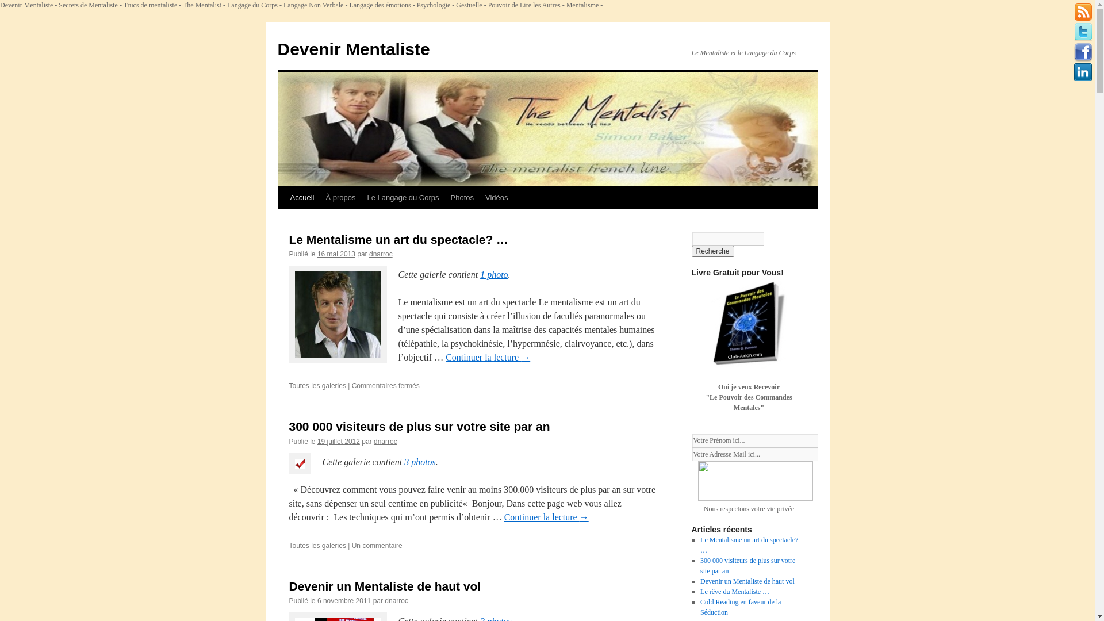 This screenshot has width=1104, height=621. I want to click on 'Recherche', so click(711, 250).